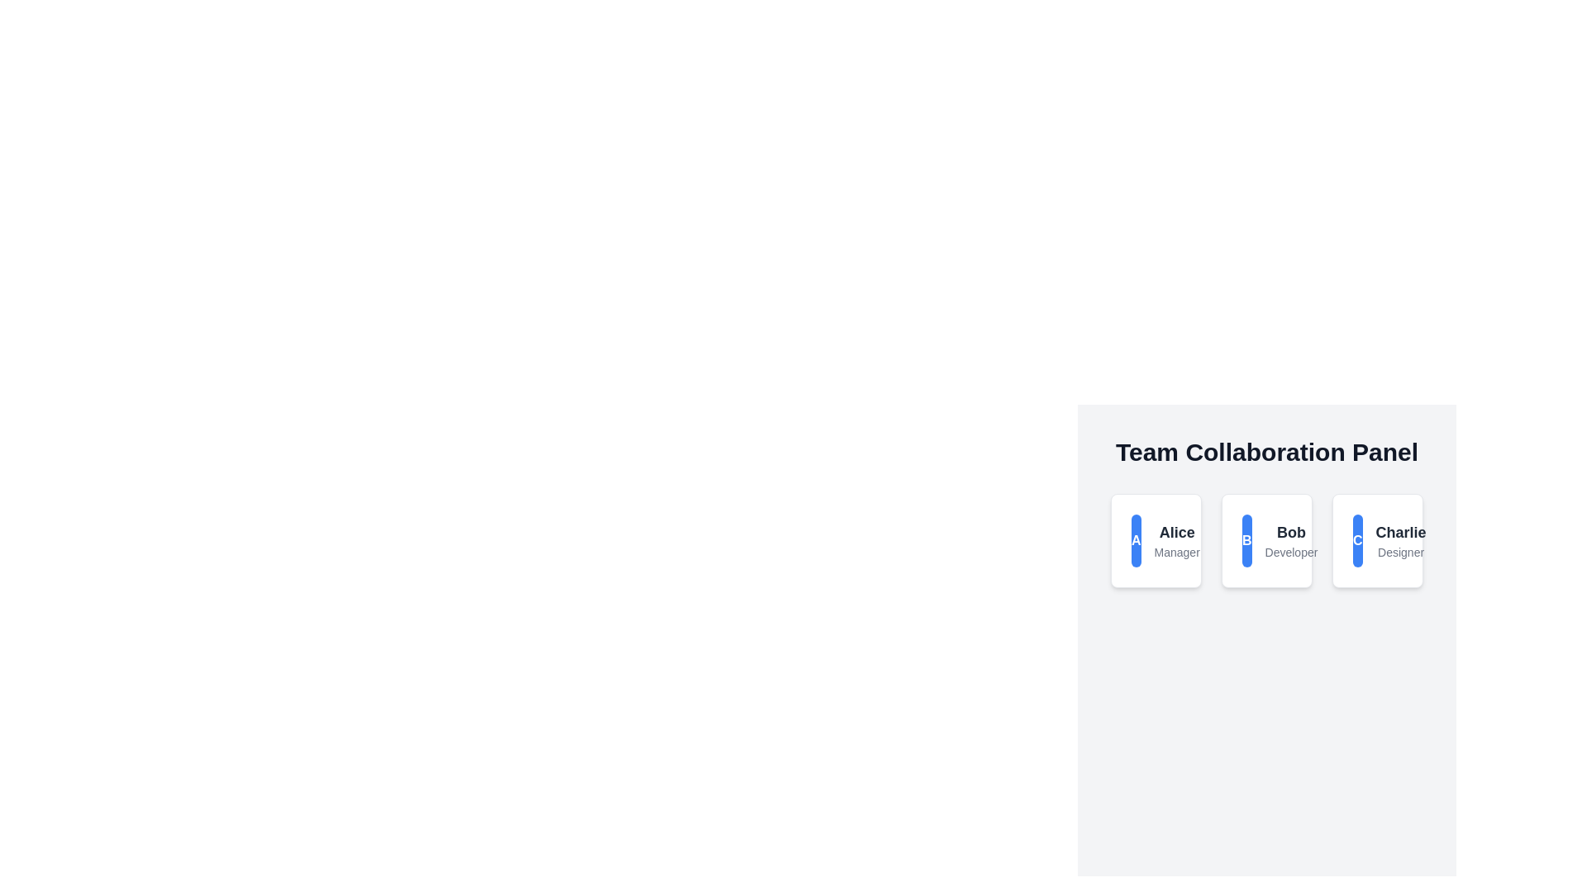 The height and width of the screenshot is (892, 1587). I want to click on the Circular Badge that visually identifies the user profile for 'Bob', positioned to the left of the name and title in the profile card, so click(1246, 541).